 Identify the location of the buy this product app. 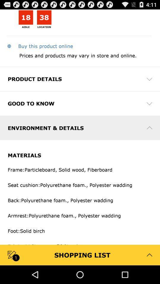
(40, 46).